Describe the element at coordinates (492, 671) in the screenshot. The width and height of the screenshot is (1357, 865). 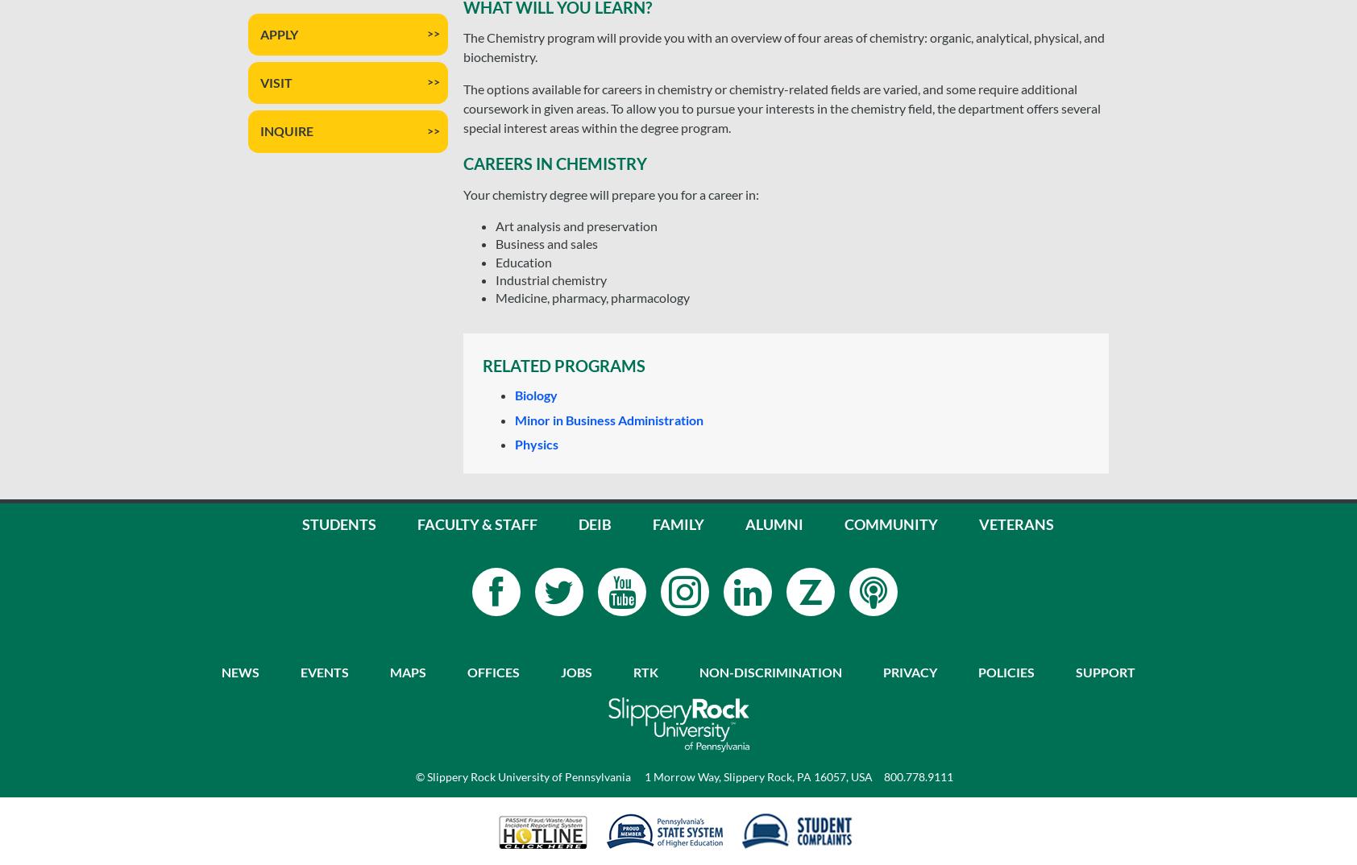
I see `'Offices'` at that location.